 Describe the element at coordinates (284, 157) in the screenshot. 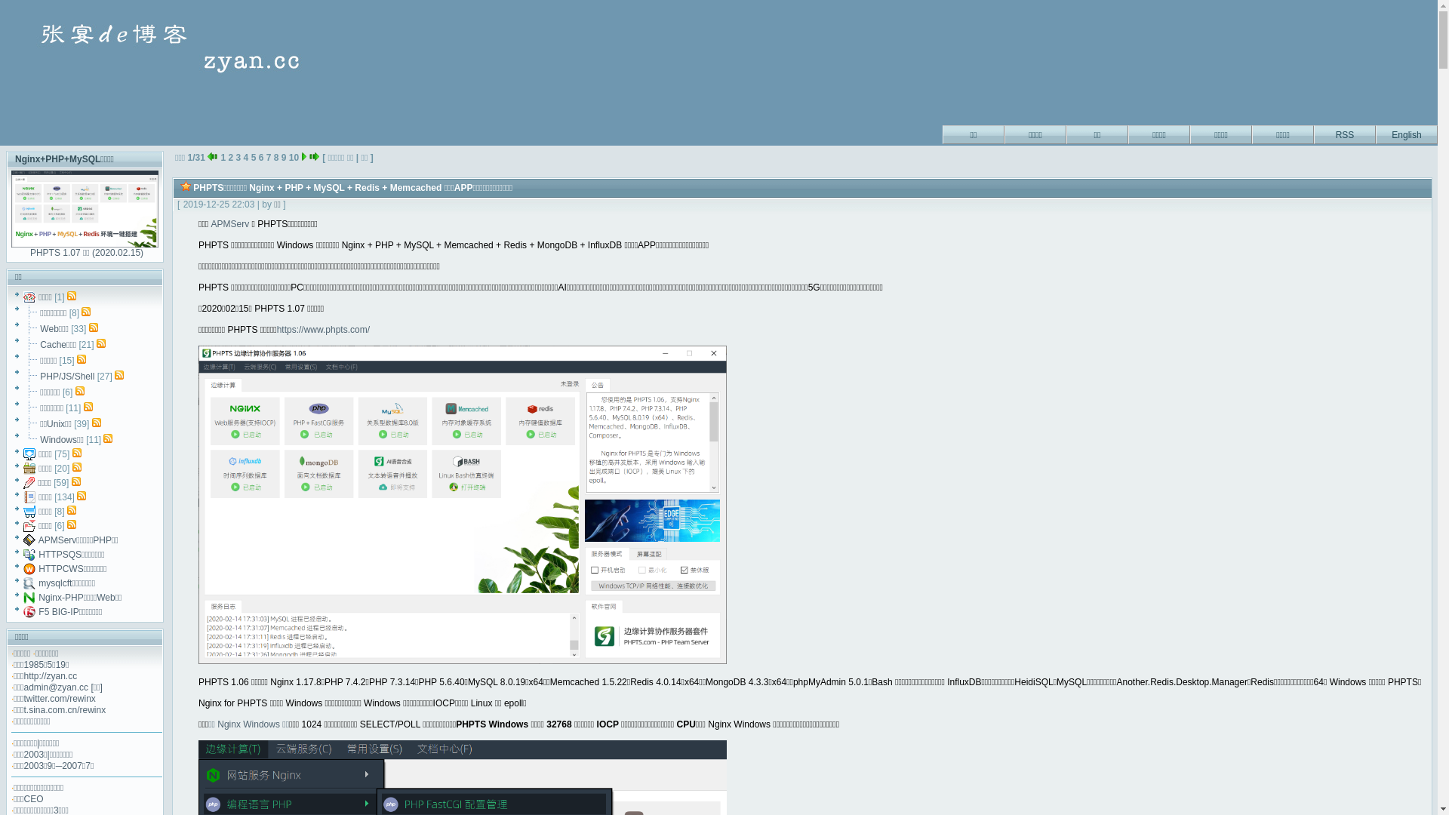

I see `'9'` at that location.